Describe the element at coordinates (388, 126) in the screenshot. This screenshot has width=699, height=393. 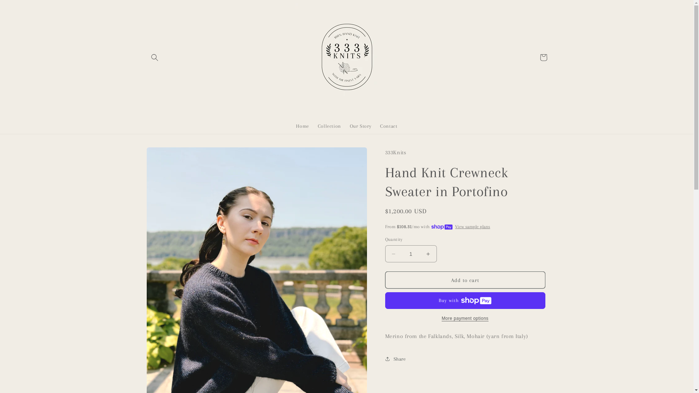
I see `'Contact'` at that location.